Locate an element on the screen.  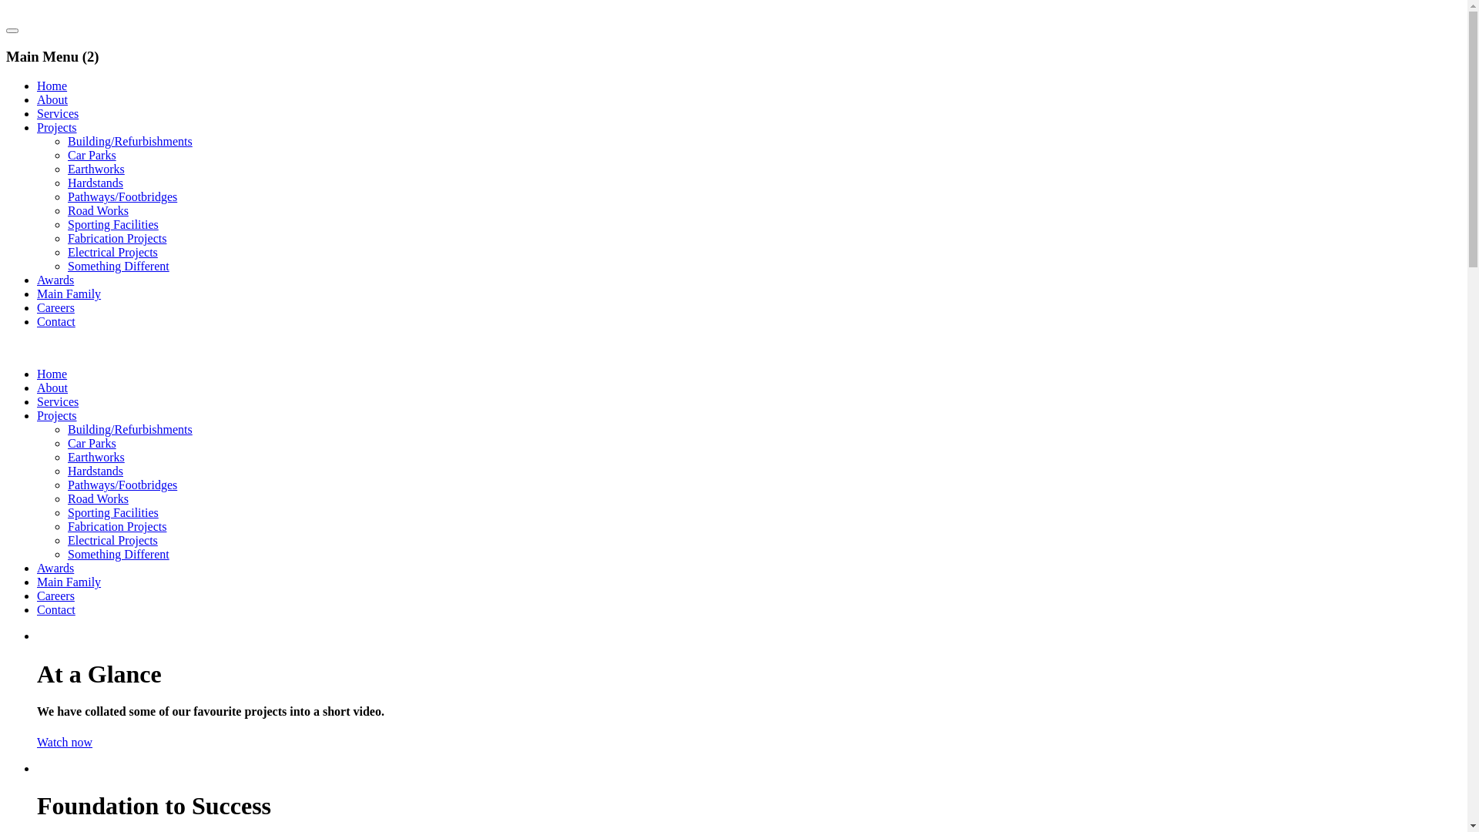
'Projects' is located at coordinates (56, 414).